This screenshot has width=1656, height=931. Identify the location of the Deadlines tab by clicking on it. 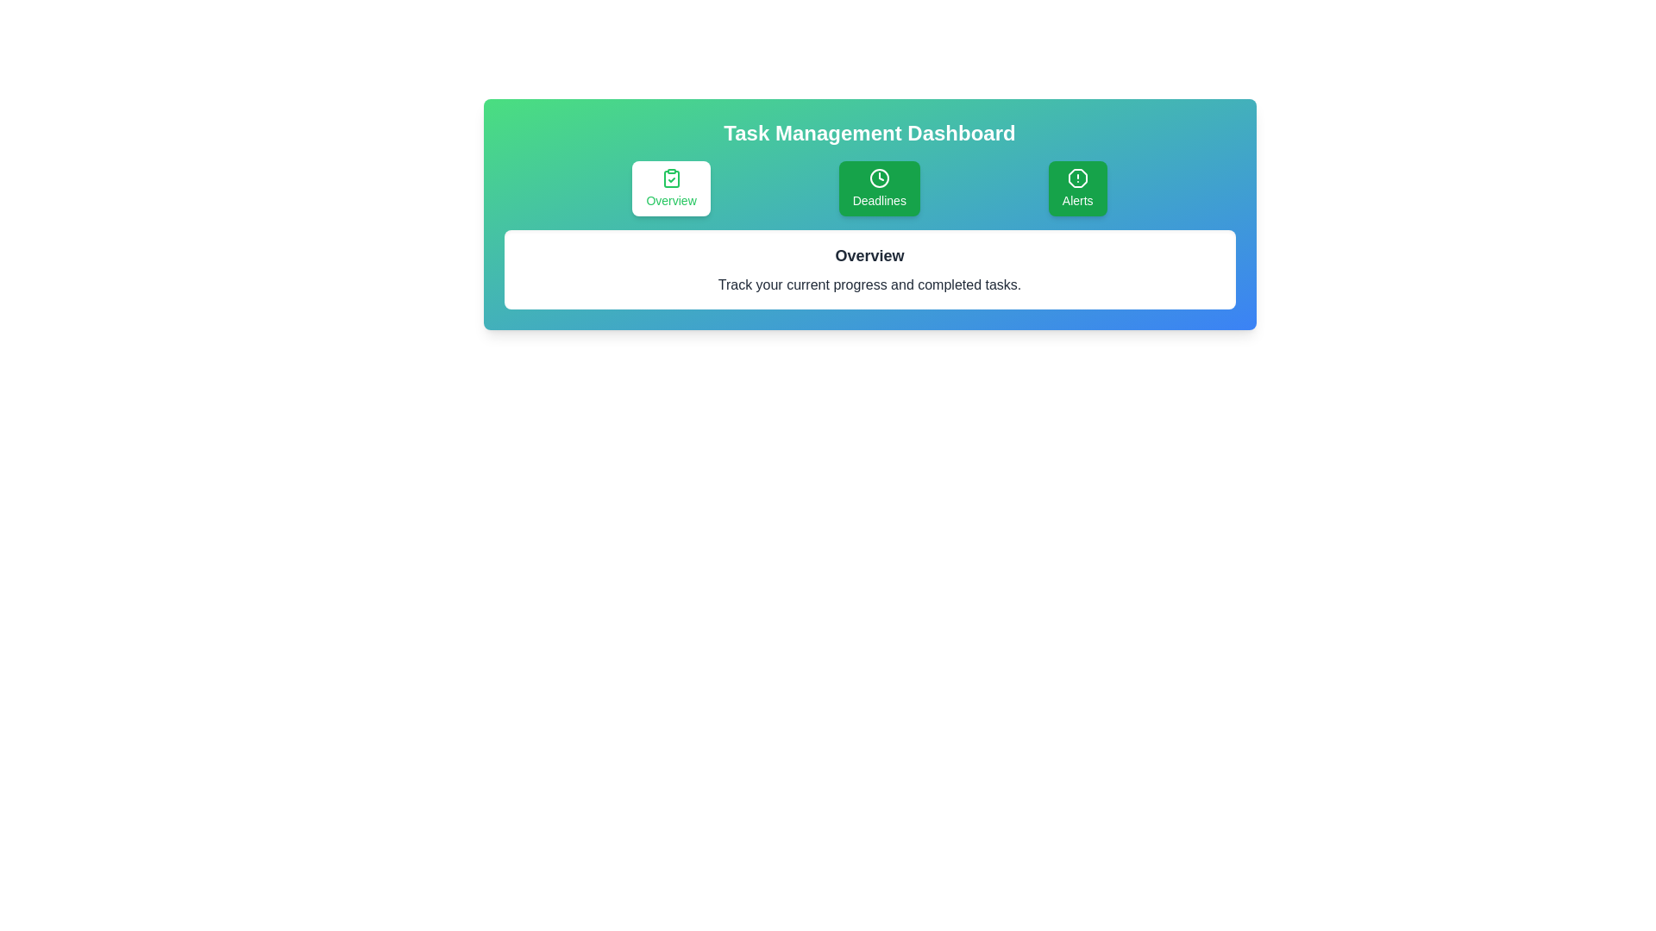
(879, 189).